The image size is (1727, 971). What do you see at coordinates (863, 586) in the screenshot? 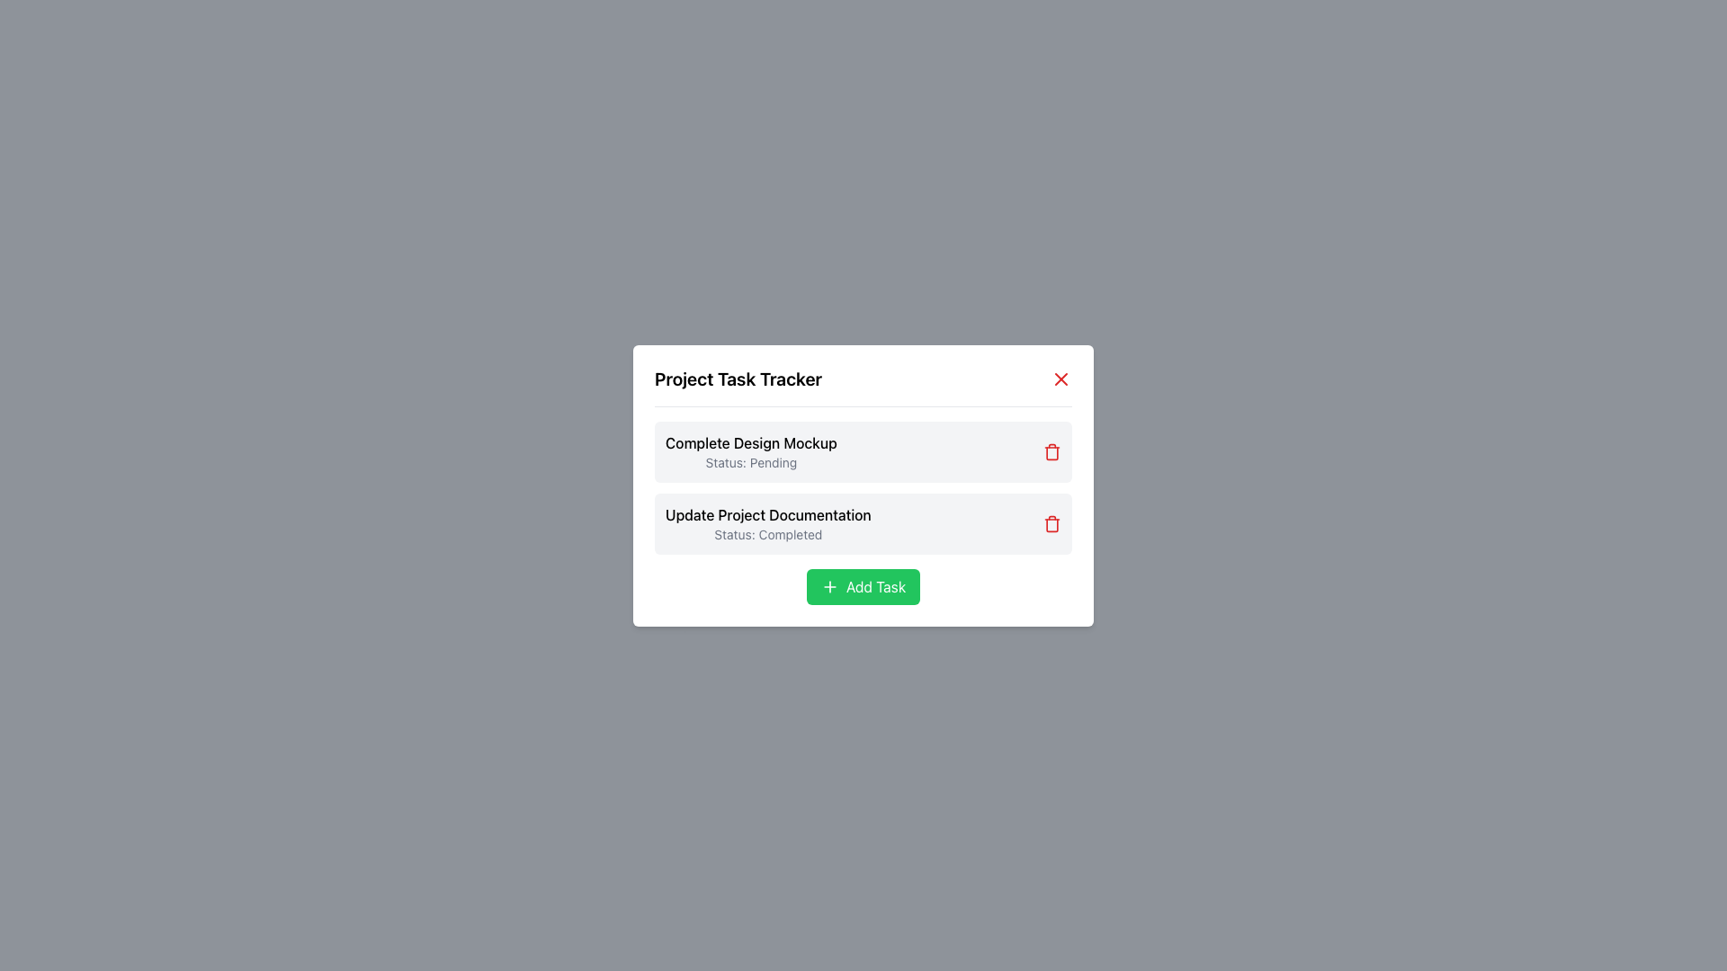
I see `the green 'Add Task' button with a white plus sign icon and text, located at the bottom center of the 'Project Task Tracker' modal to observe the hover effect` at bounding box center [863, 586].